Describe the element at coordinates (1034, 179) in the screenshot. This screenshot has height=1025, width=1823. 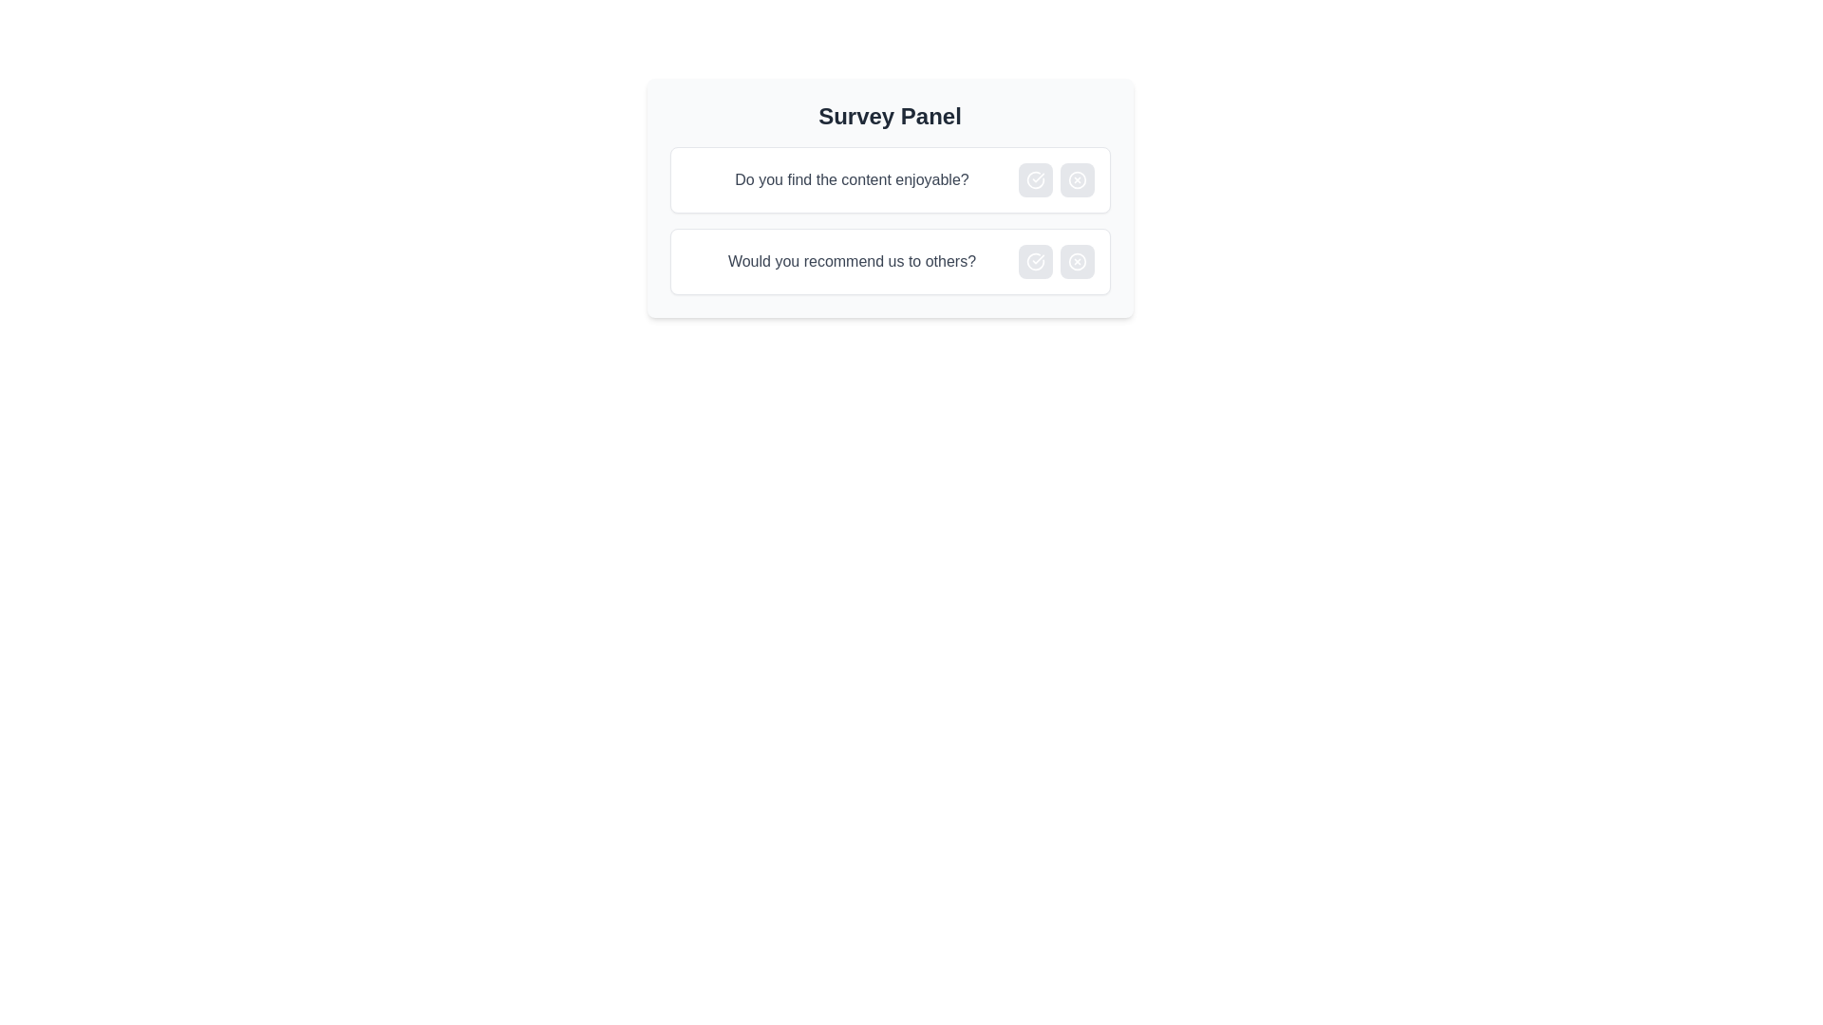
I see `the leftmost button in the action section of the first question row titled 'Do you find the content enjoyable?'` at that location.